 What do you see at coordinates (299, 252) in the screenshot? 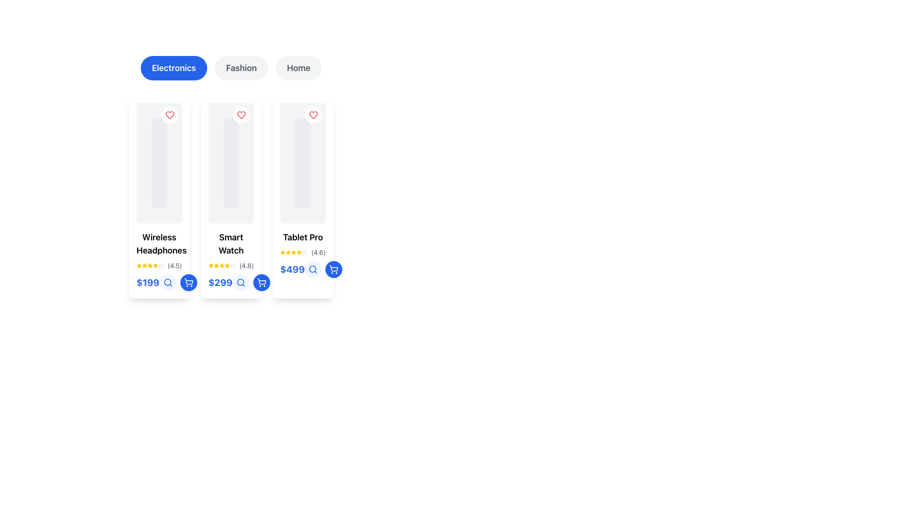
I see `the fifth star icon in the rating section of the 'Tablet Pro' product card` at bounding box center [299, 252].